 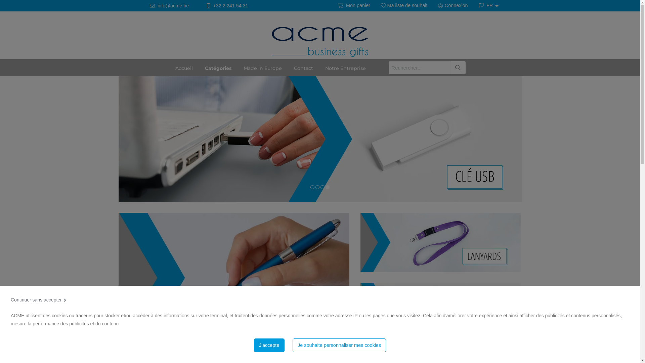 I want to click on 'Made In Europe', so click(x=262, y=67).